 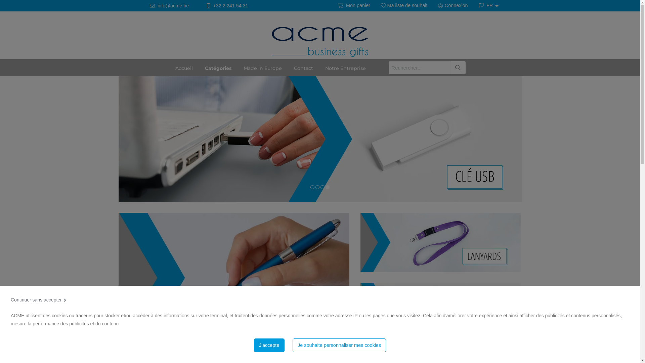 I want to click on 'Made In Europe', so click(x=262, y=67).